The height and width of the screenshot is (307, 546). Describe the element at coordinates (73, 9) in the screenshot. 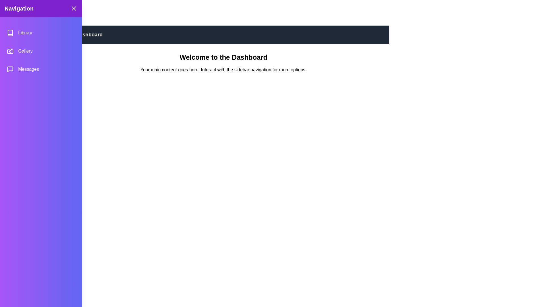

I see `the Close Icon (SVG) located in the top-right corner of the left sidebar's header area to possibly reveal a tooltip` at that location.